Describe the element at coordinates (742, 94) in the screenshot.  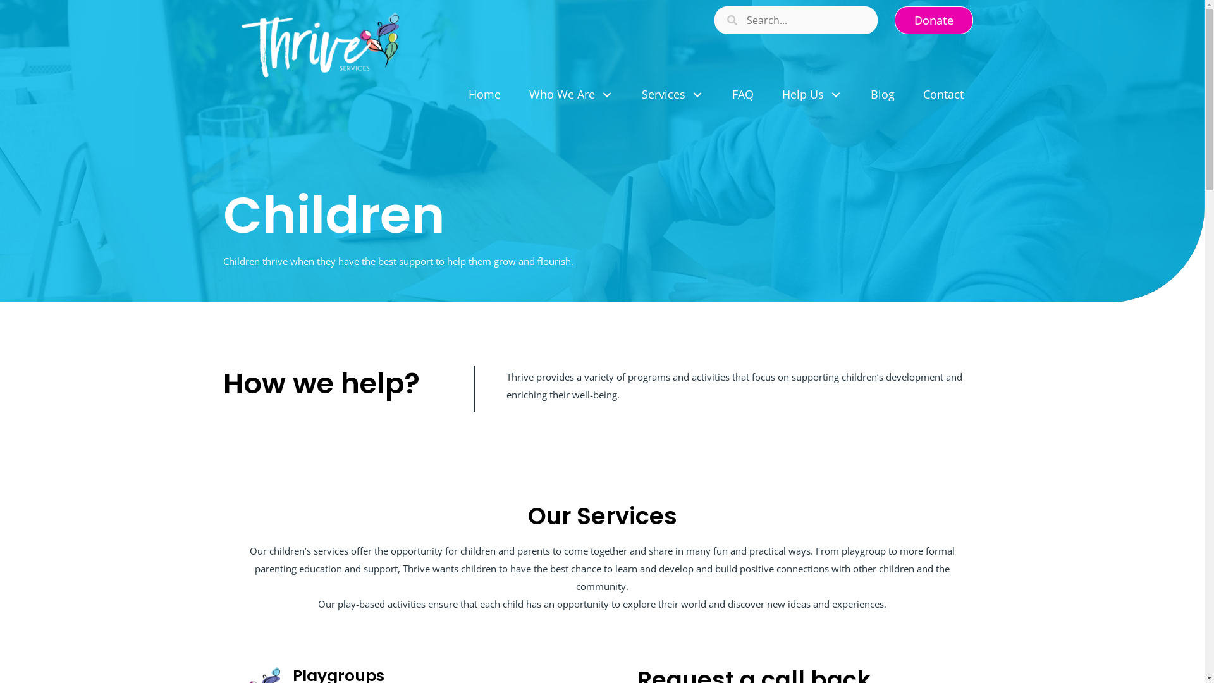
I see `'FAQ'` at that location.